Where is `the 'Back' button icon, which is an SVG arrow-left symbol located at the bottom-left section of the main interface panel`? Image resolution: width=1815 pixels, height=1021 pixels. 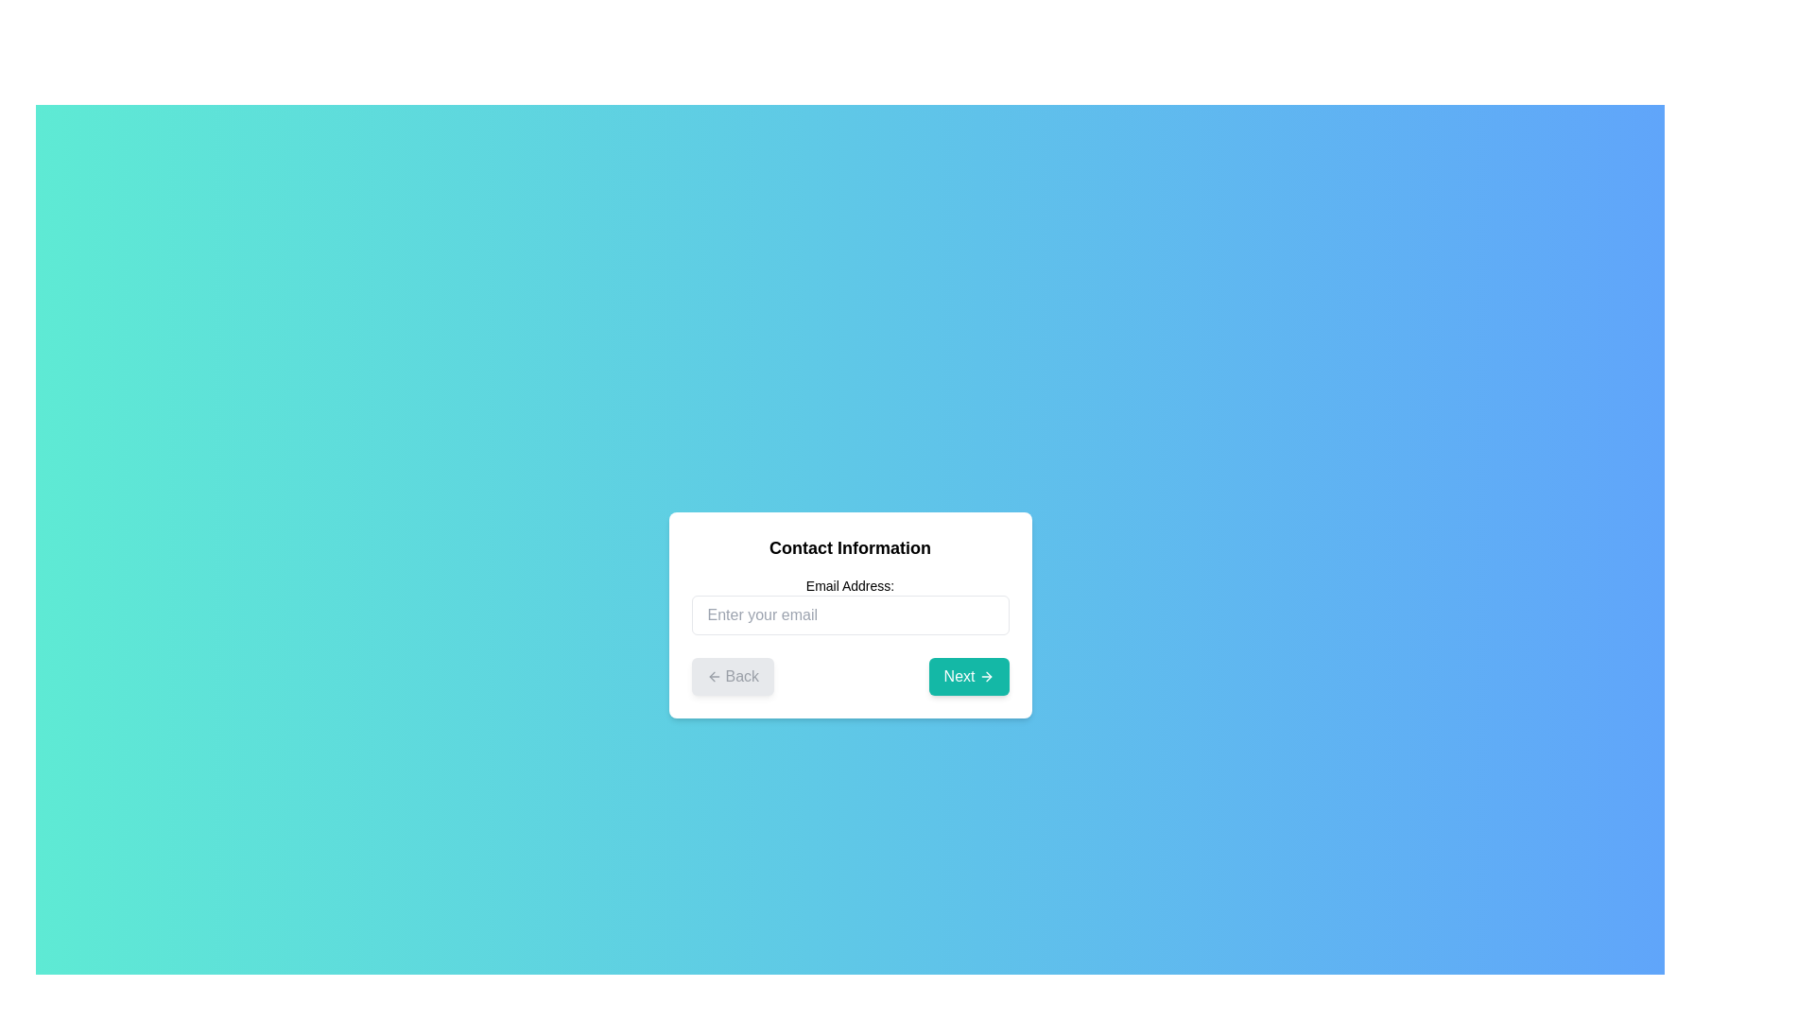 the 'Back' button icon, which is an SVG arrow-left symbol located at the bottom-left section of the main interface panel is located at coordinates (711, 676).